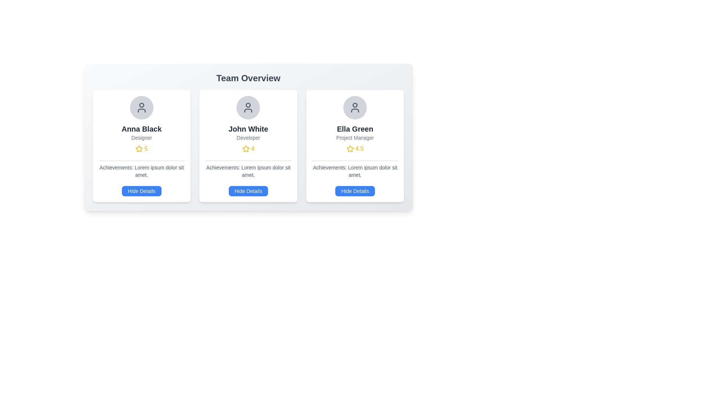 The height and width of the screenshot is (397, 705). What do you see at coordinates (248, 129) in the screenshot?
I see `the text label displaying the name 'John White', which identifies the user on the profile card in the team overview section` at bounding box center [248, 129].